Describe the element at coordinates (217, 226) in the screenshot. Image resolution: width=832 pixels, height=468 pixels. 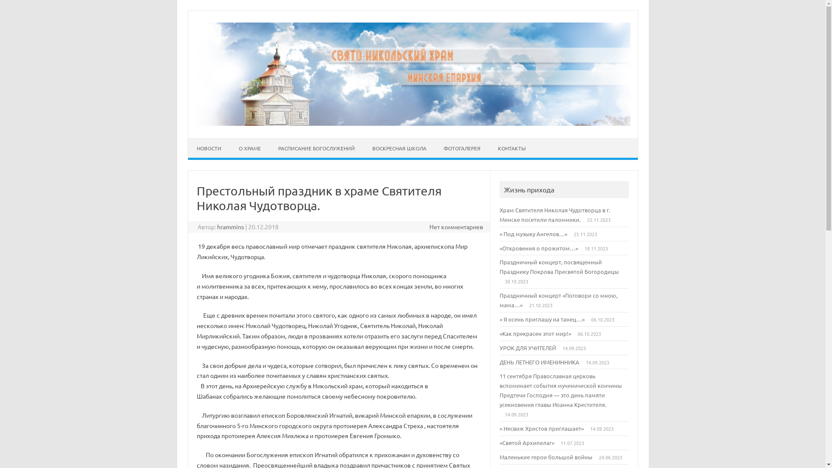
I see `'hrammins'` at that location.